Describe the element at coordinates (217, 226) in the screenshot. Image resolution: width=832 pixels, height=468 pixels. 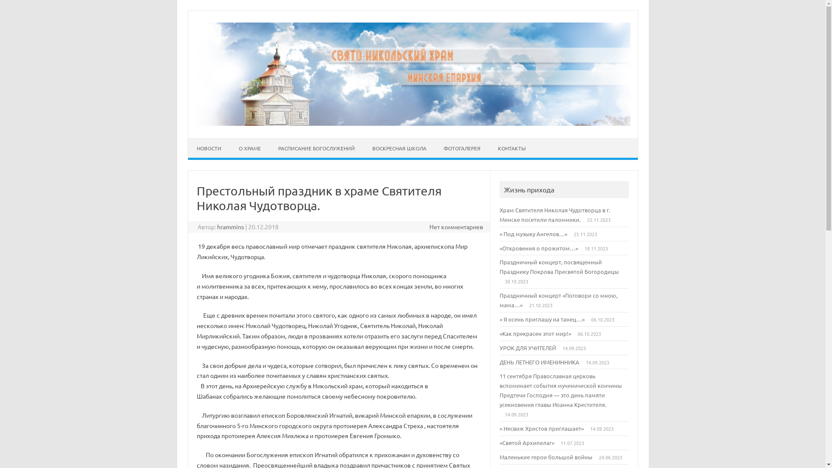
I see `'hrammins'` at that location.